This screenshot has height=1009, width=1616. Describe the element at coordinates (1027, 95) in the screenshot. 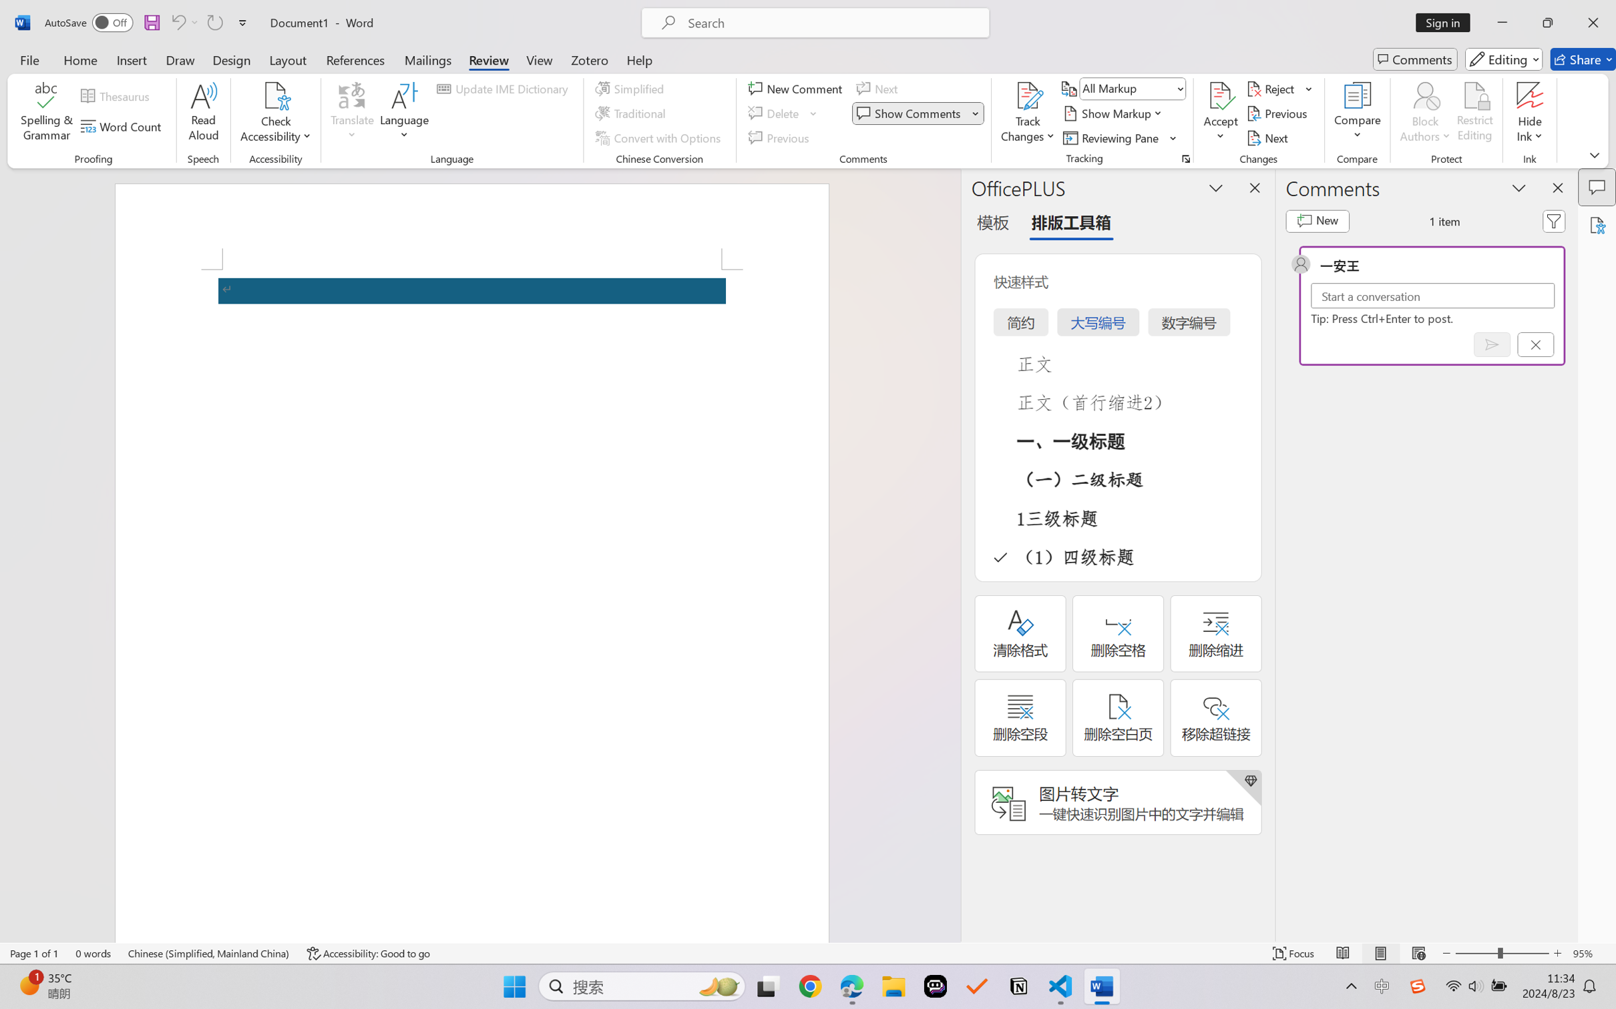

I see `'Track Changes'` at that location.